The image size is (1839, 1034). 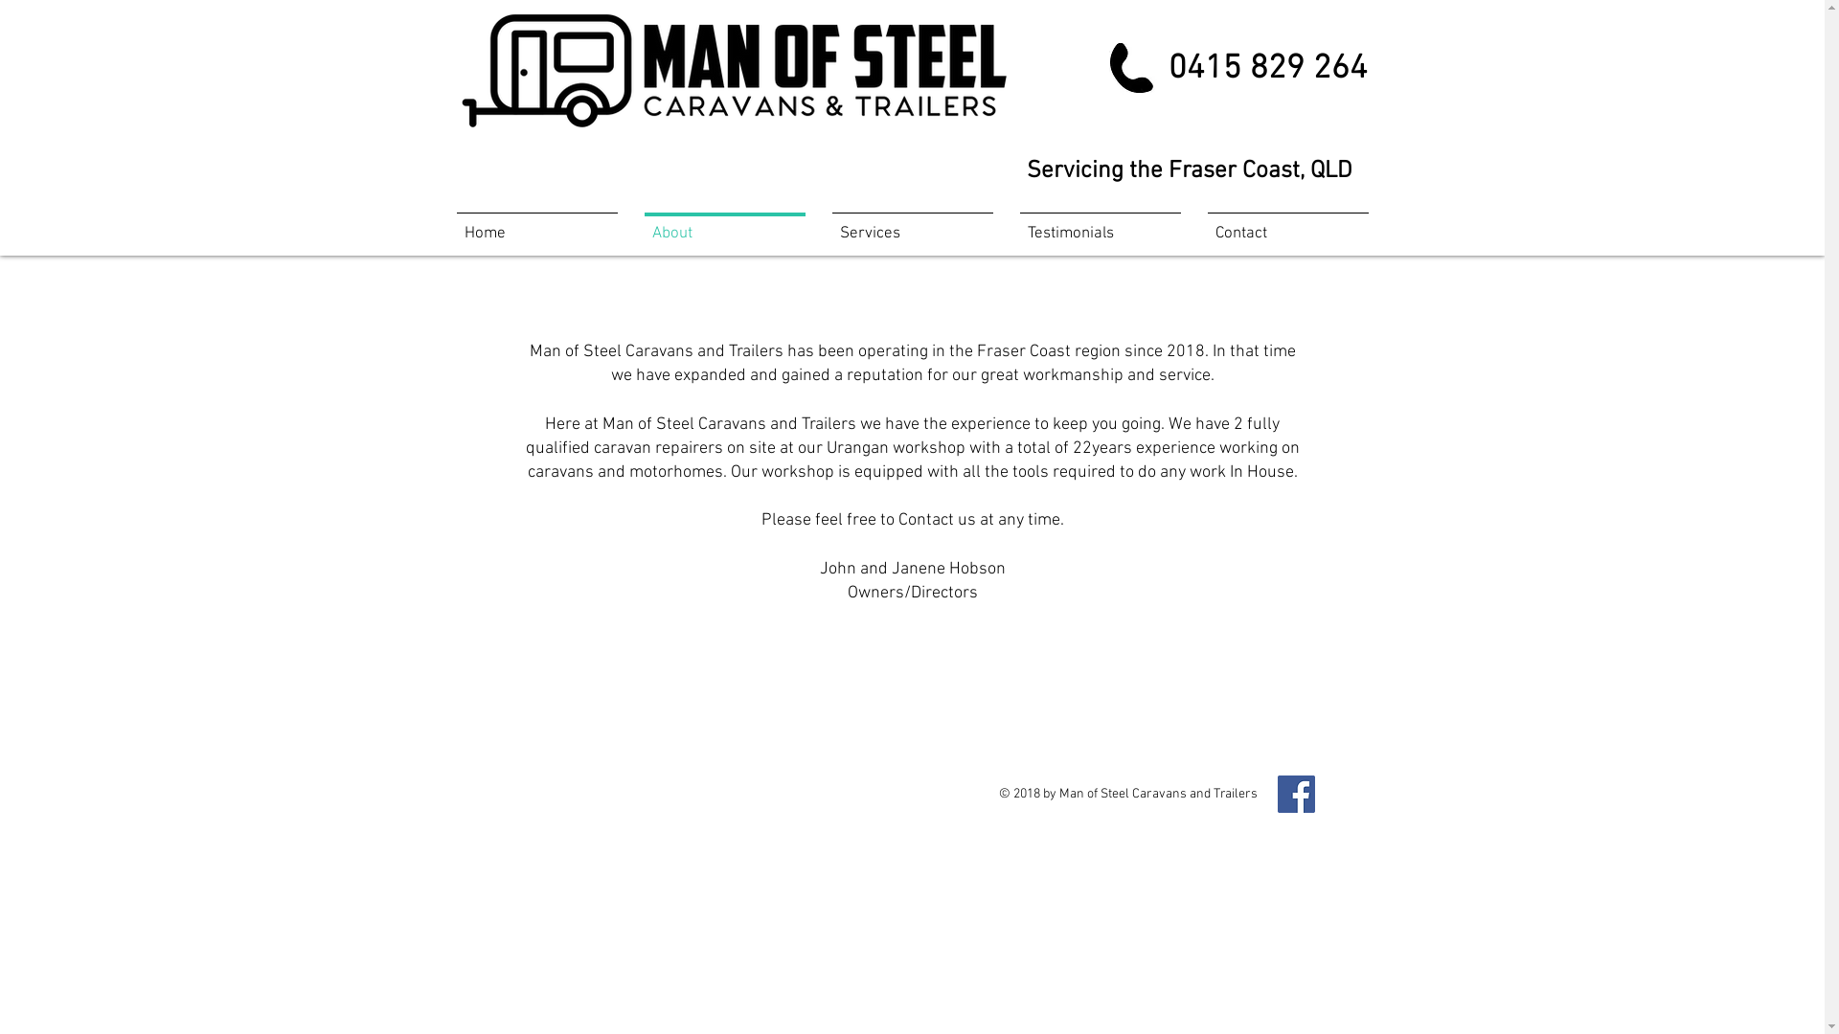 I want to click on 'About', so click(x=722, y=224).